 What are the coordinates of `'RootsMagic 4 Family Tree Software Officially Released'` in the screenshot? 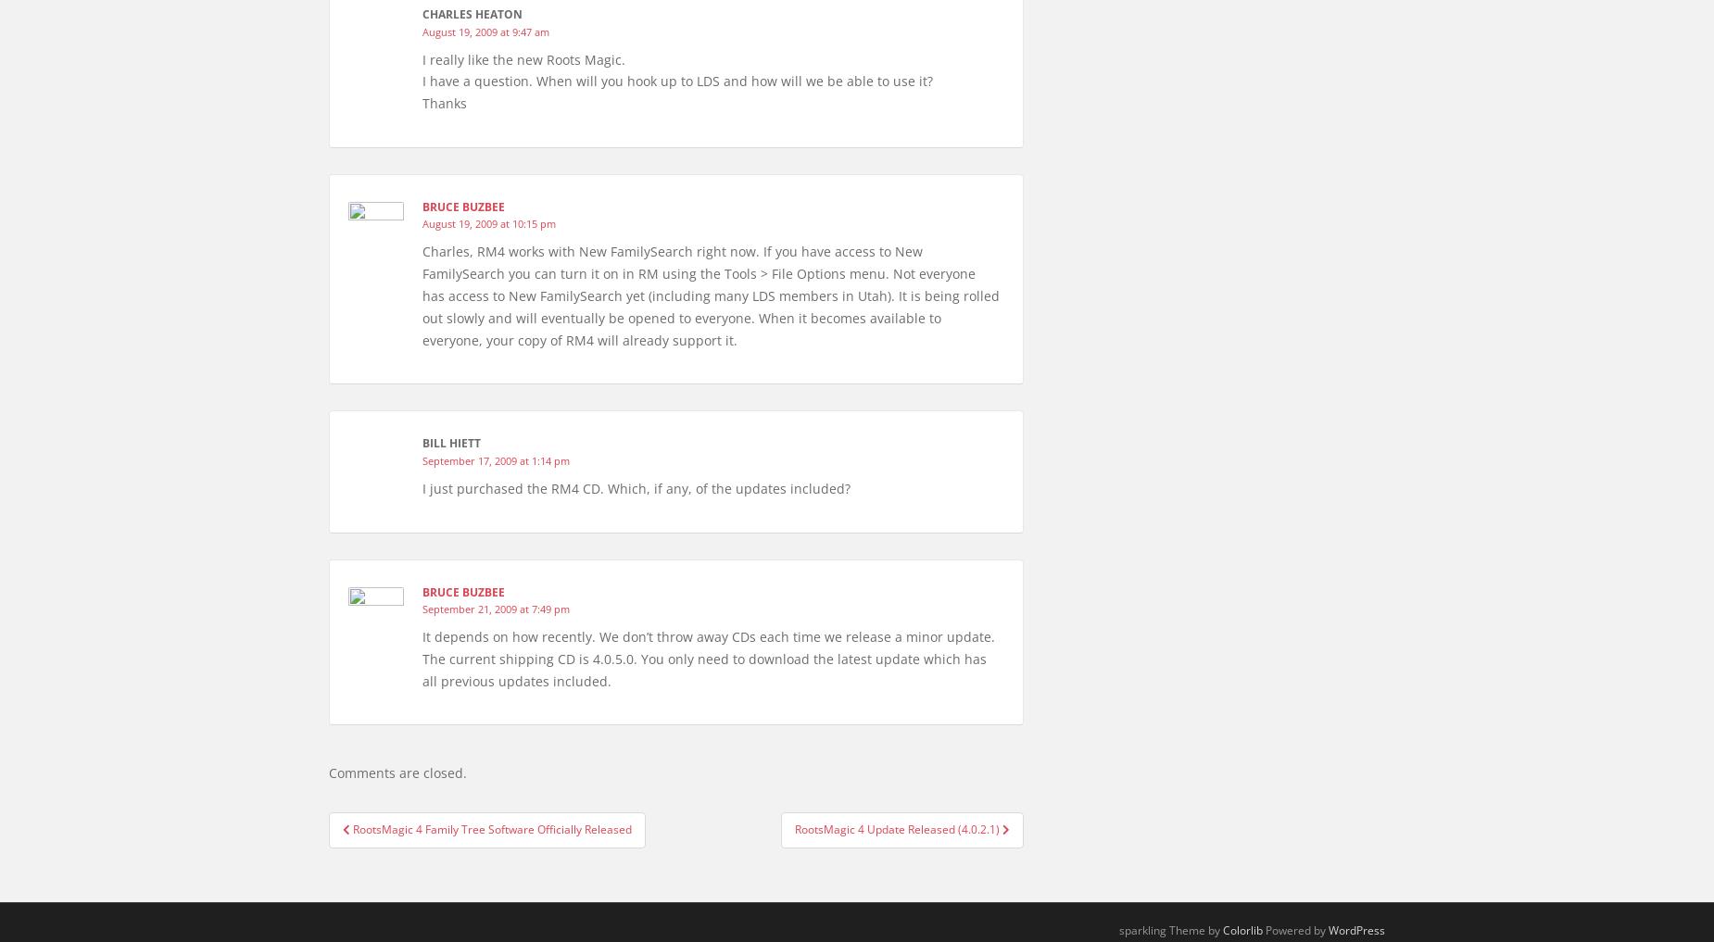 It's located at (492, 829).